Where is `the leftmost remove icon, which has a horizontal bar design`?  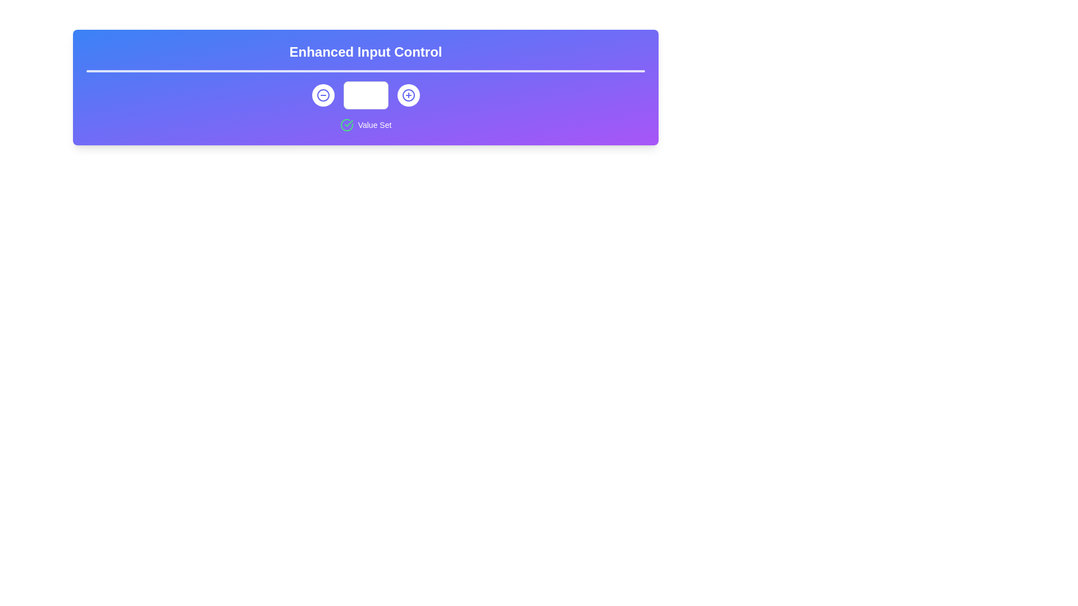
the leftmost remove icon, which has a horizontal bar design is located at coordinates (322, 94).